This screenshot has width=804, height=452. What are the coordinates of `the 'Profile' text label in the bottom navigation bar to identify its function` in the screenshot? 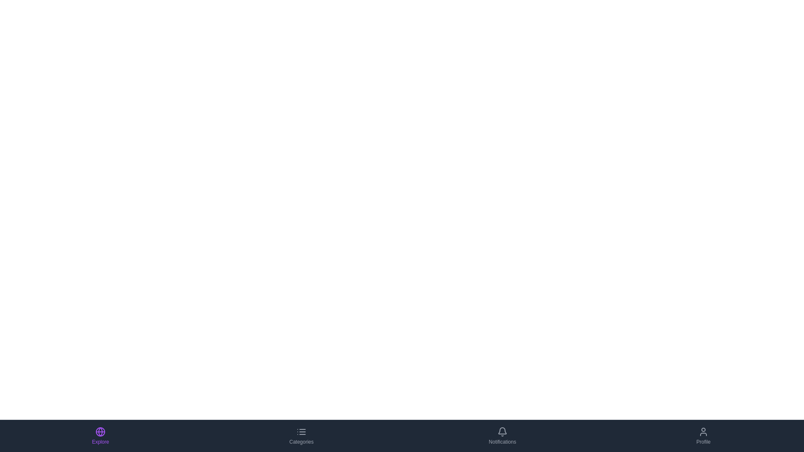 It's located at (703, 442).